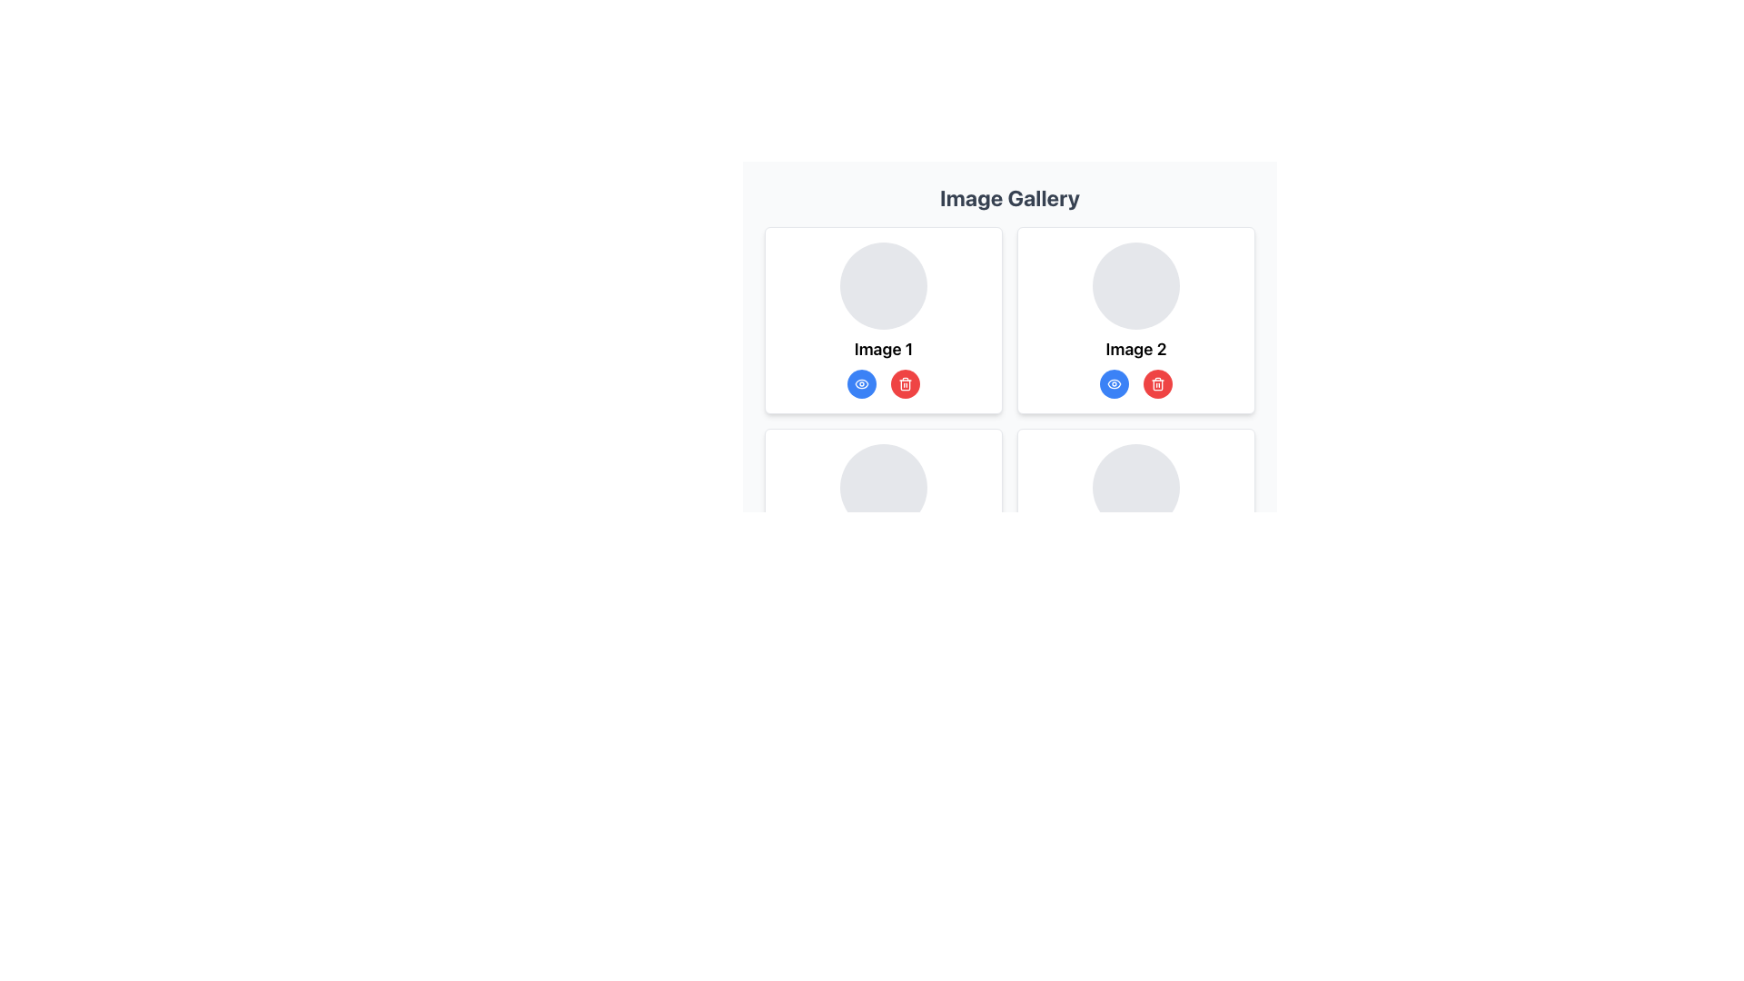 The width and height of the screenshot is (1744, 981). What do you see at coordinates (884, 320) in the screenshot?
I see `the card component representing the first image item in the gallery` at bounding box center [884, 320].